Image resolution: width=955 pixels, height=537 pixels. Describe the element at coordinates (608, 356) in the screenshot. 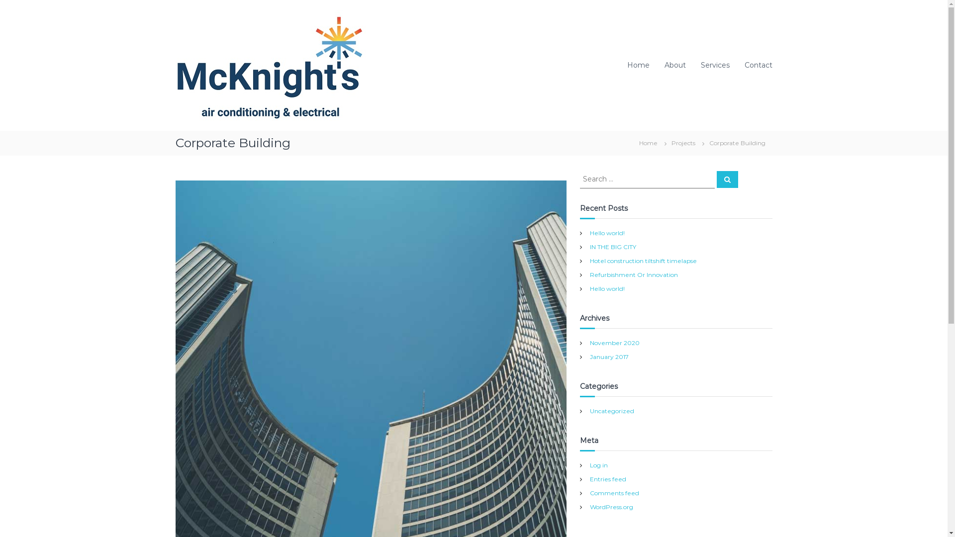

I see `'January 2017'` at that location.